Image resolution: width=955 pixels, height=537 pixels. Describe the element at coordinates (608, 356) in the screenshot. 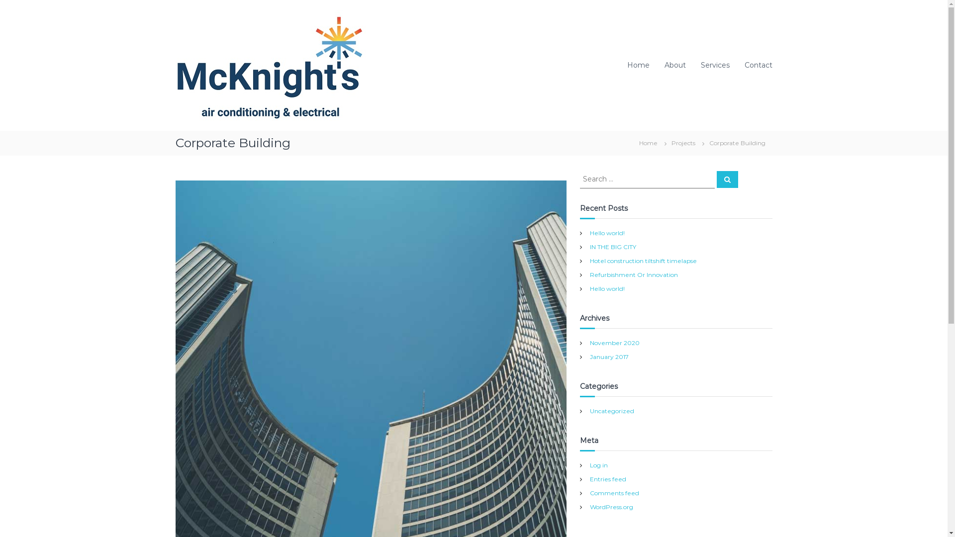

I see `'January 2017'` at that location.